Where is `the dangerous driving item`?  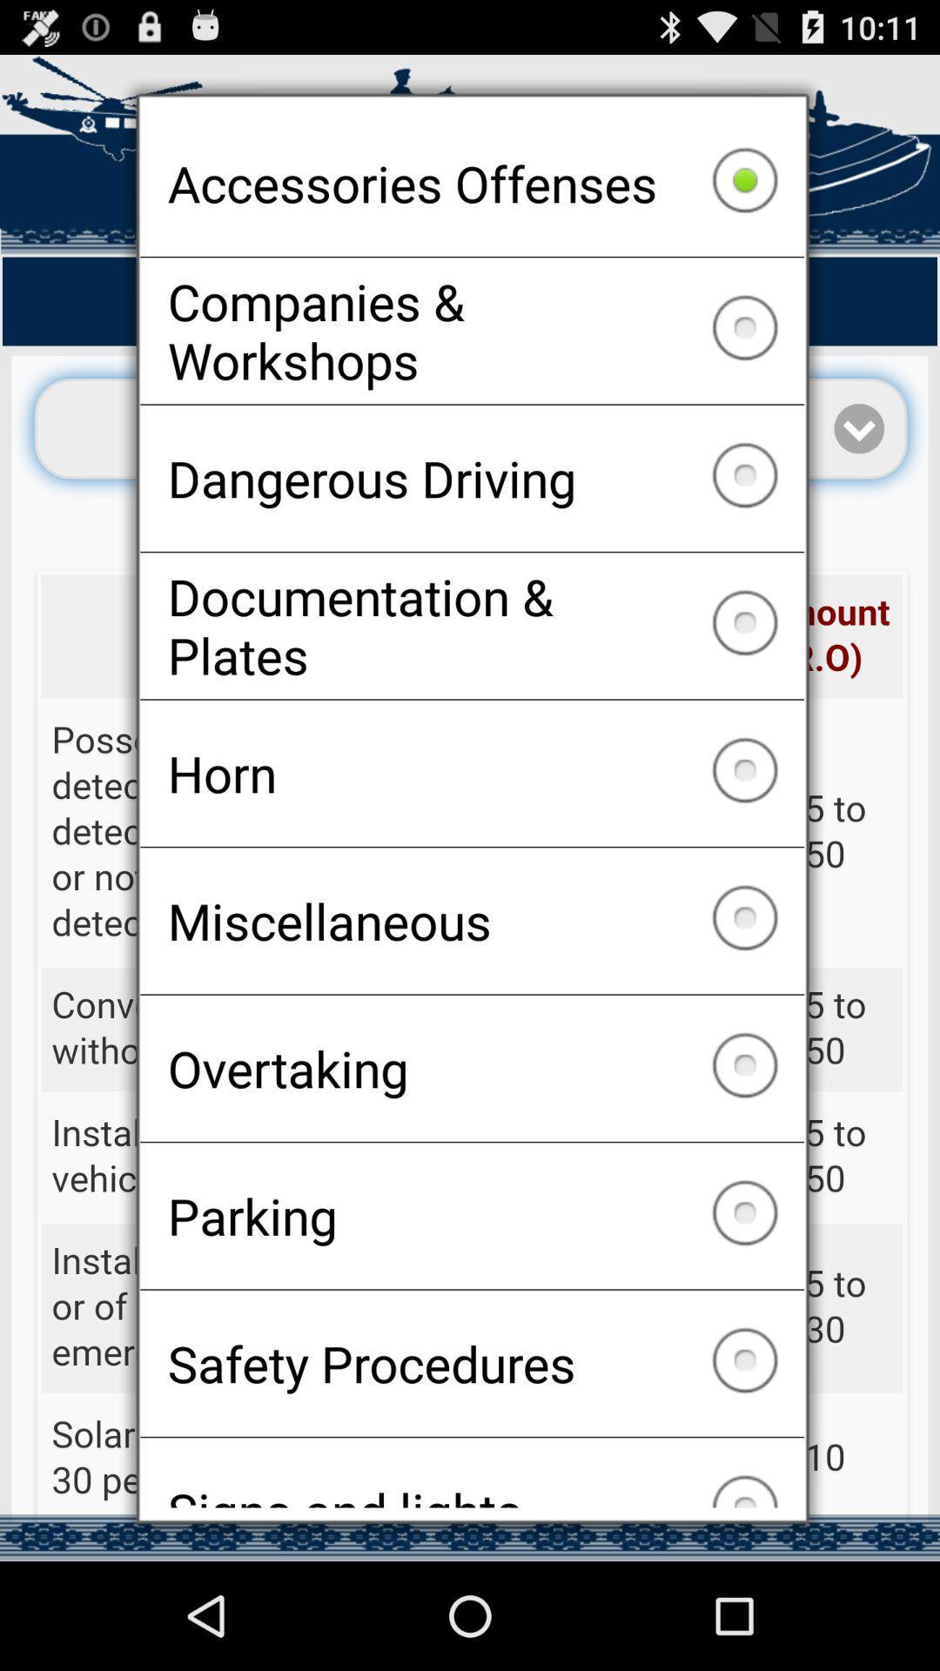 the dangerous driving item is located at coordinates (472, 478).